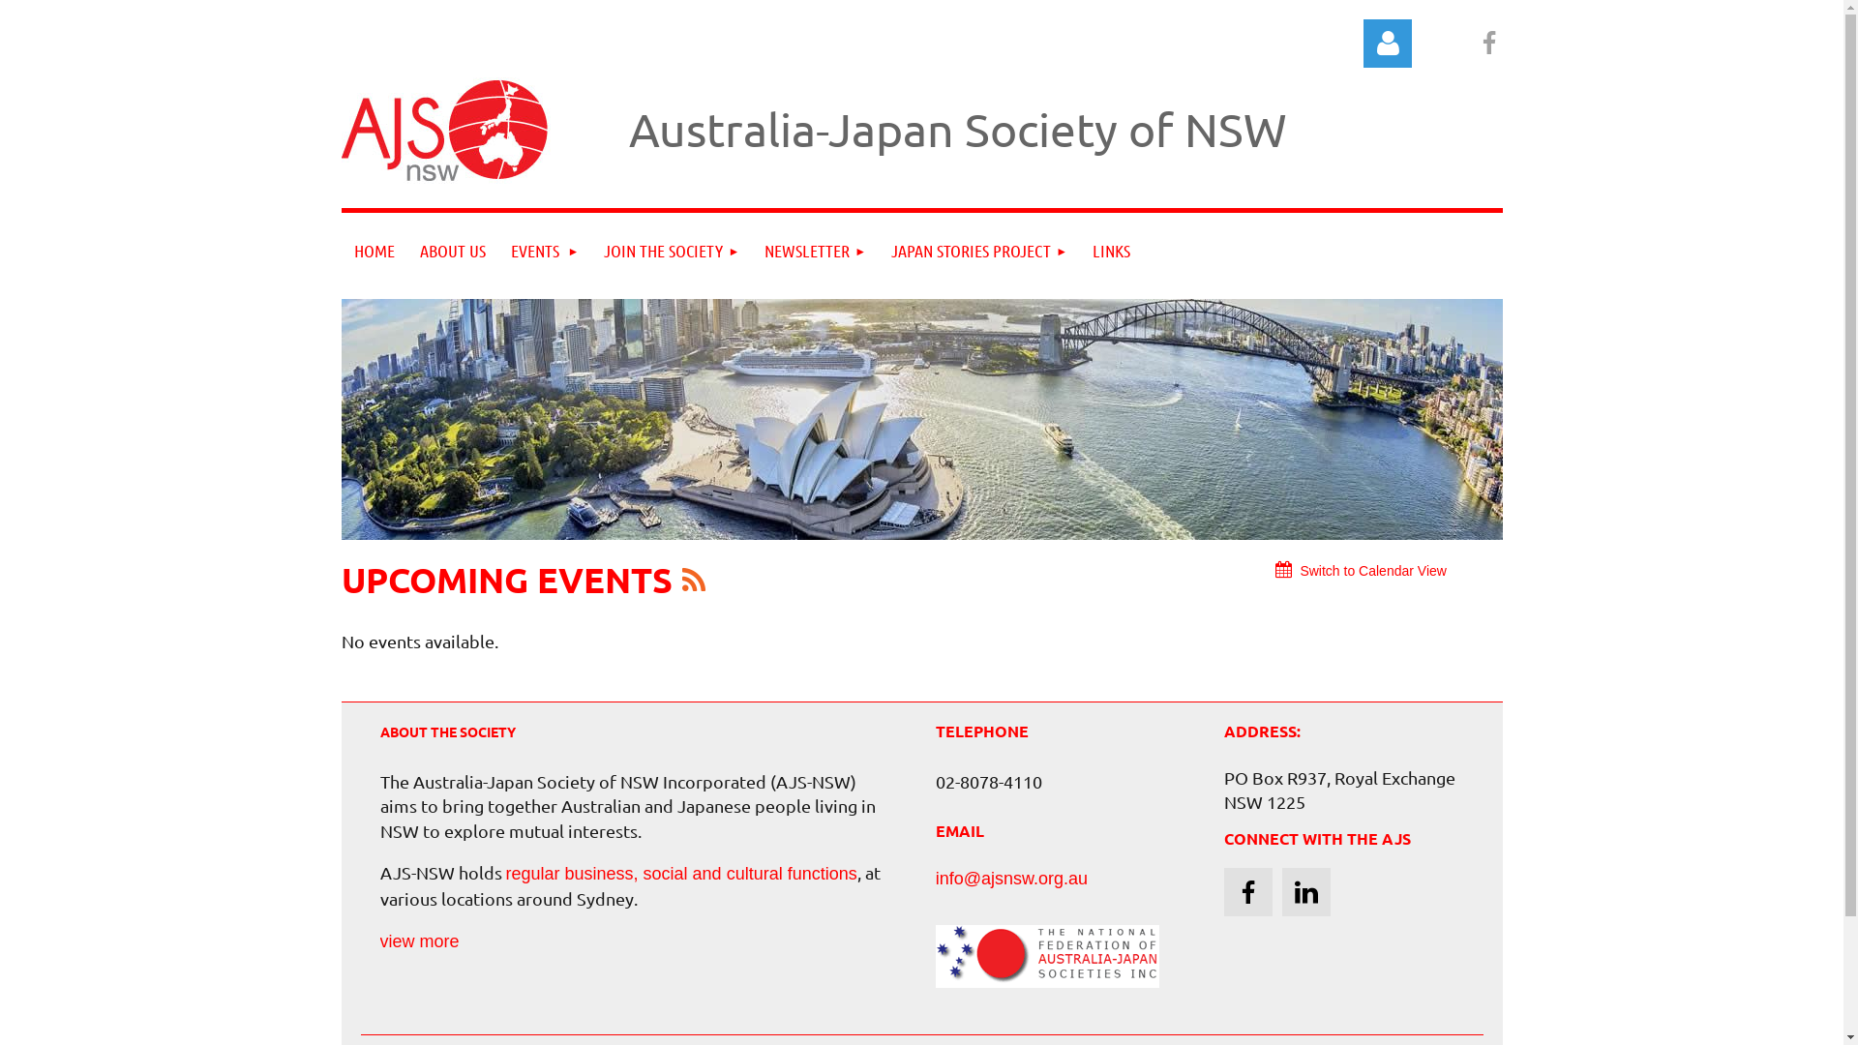  What do you see at coordinates (672, 250) in the screenshot?
I see `'JOIN THE SOCIETY'` at bounding box center [672, 250].